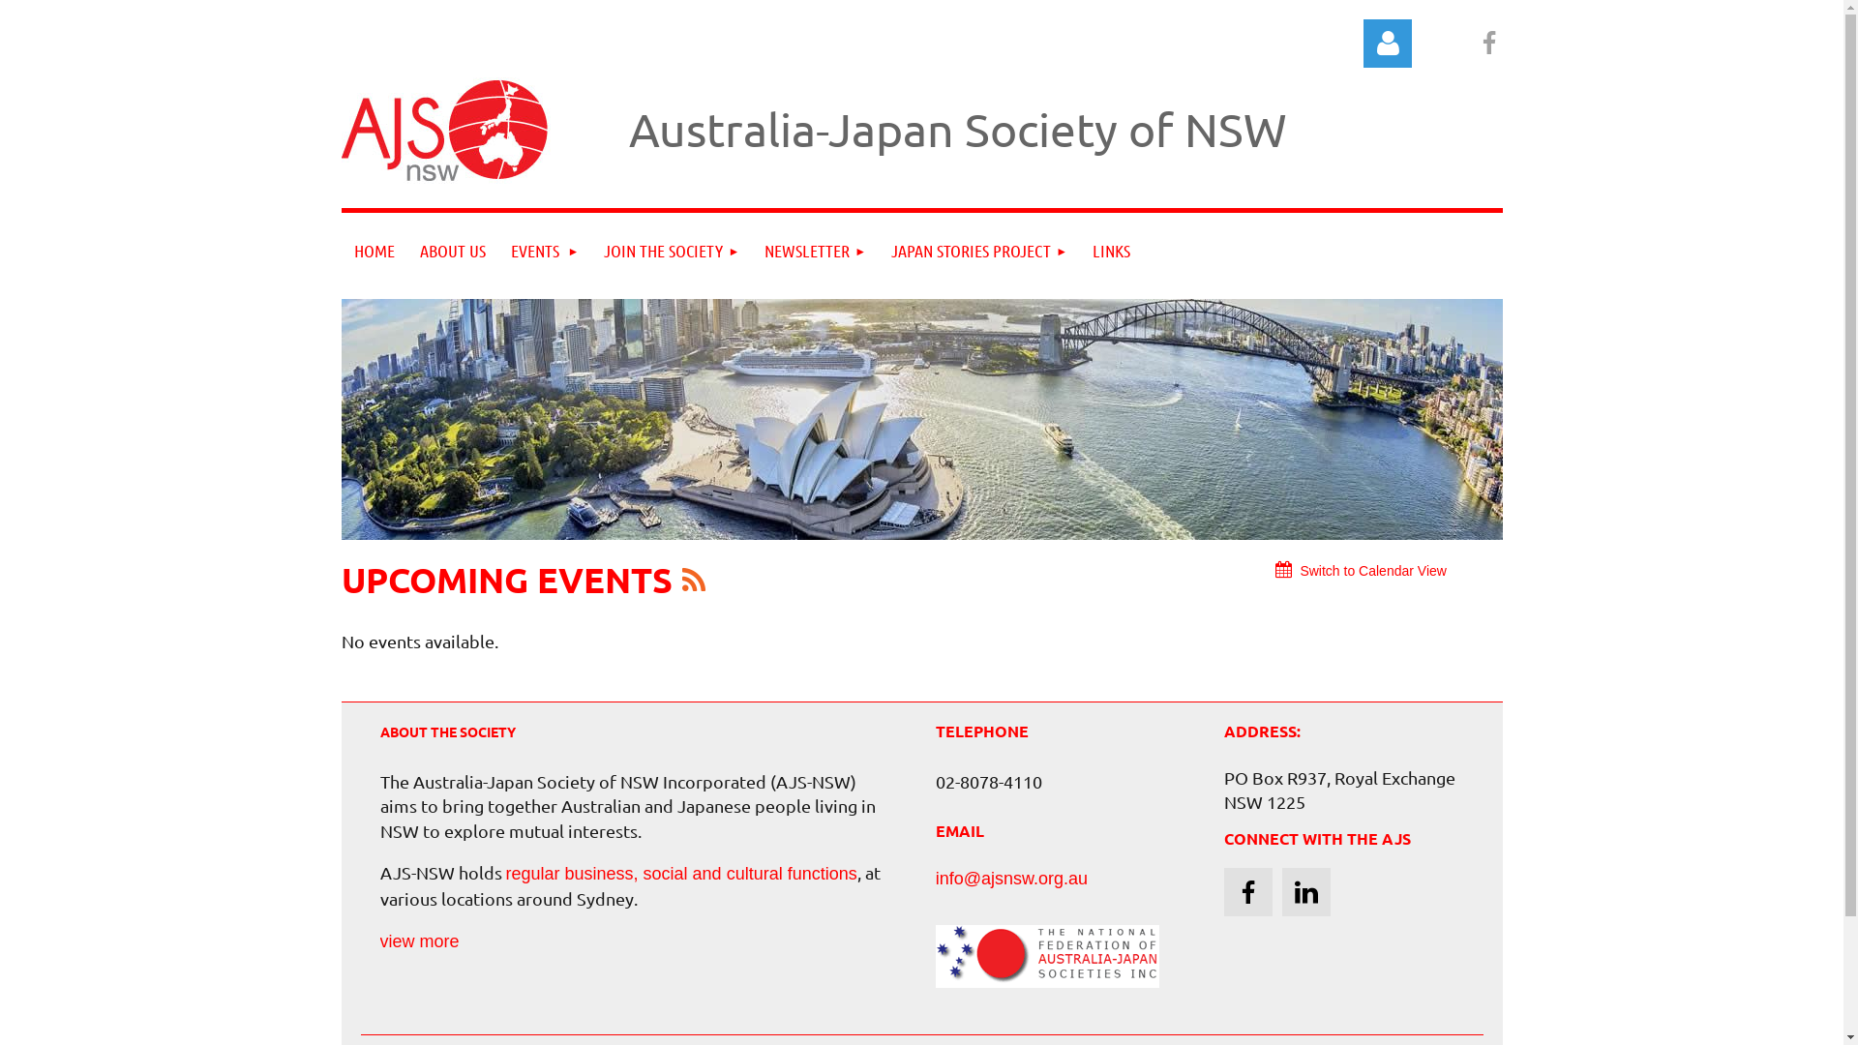  What do you see at coordinates (672, 250) in the screenshot?
I see `'JOIN THE SOCIETY'` at bounding box center [672, 250].